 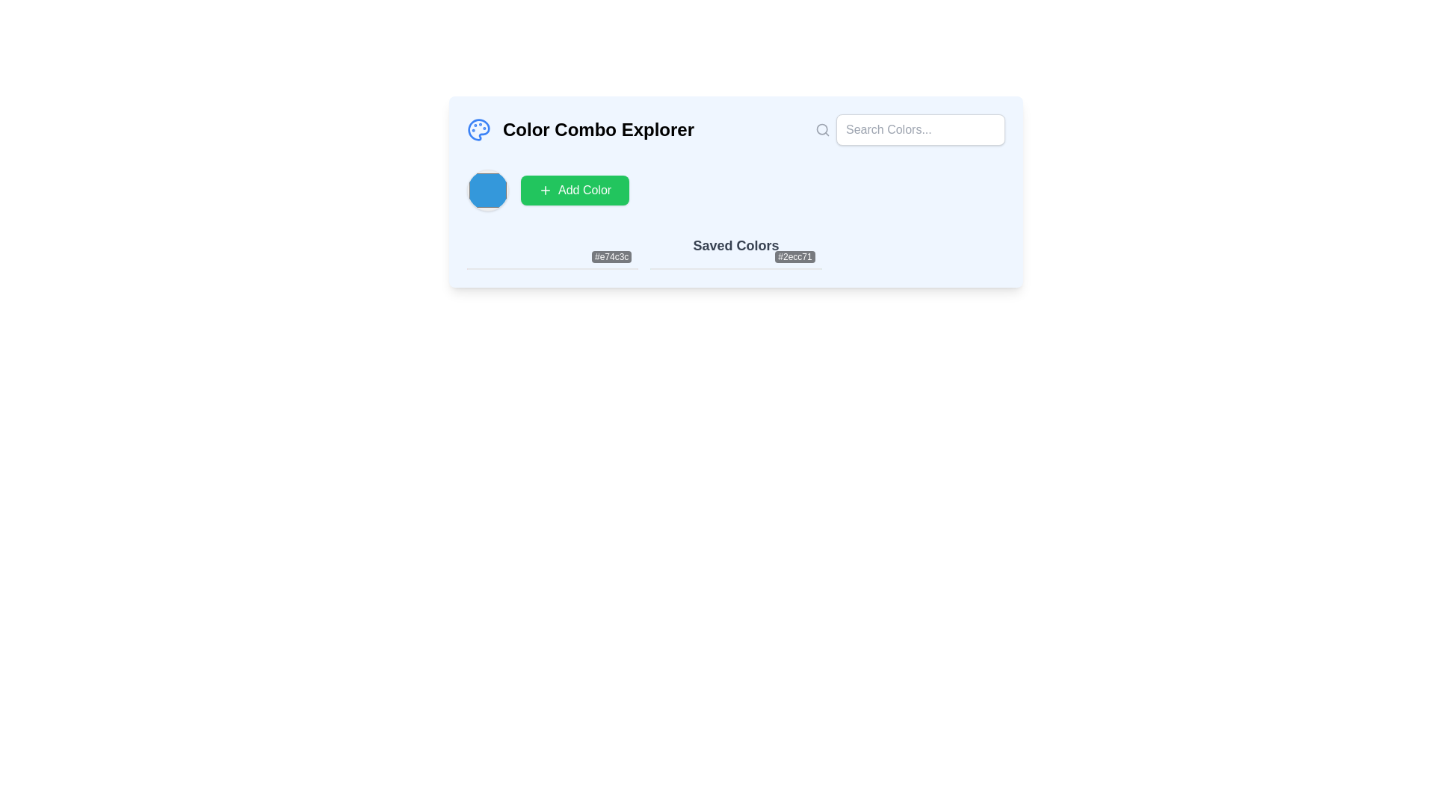 I want to click on the button used to add a new color to the list in the Color Combo Explorer section, so click(x=574, y=189).